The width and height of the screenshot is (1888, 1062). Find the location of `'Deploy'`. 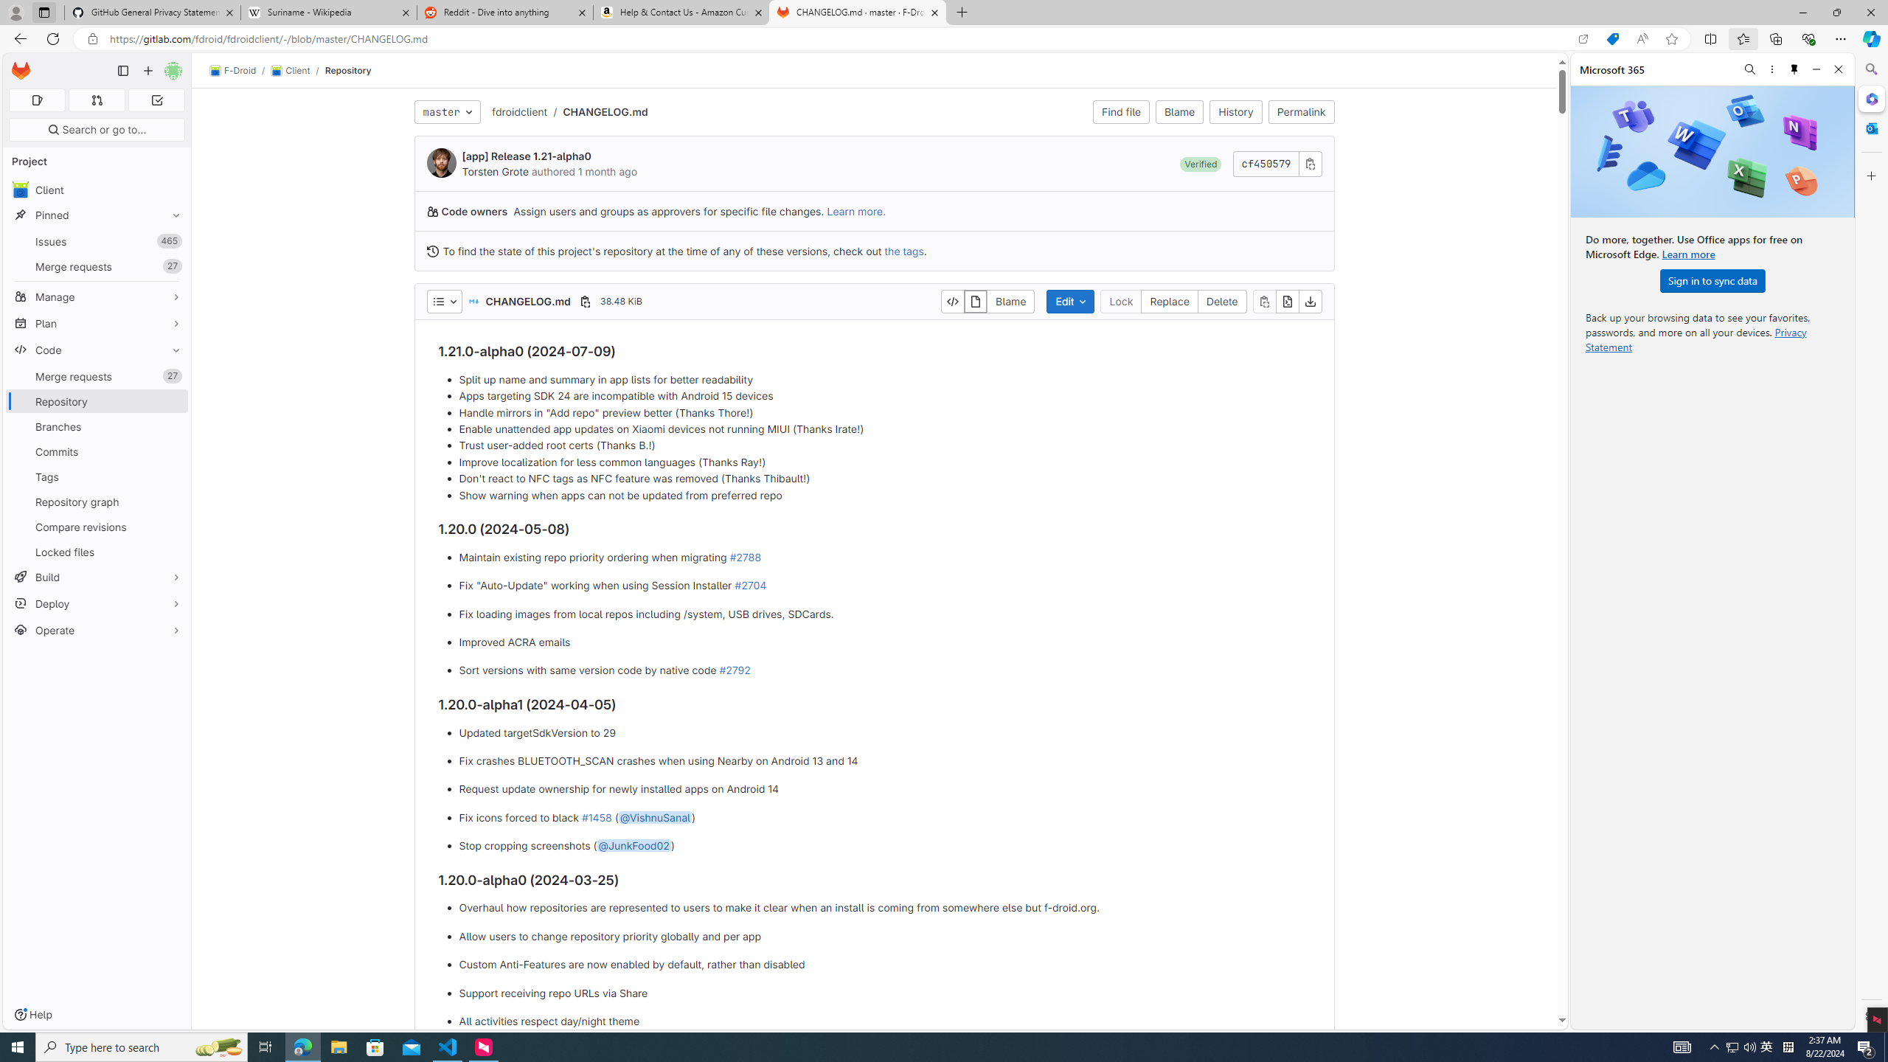

'Deploy' is located at coordinates (96, 603).